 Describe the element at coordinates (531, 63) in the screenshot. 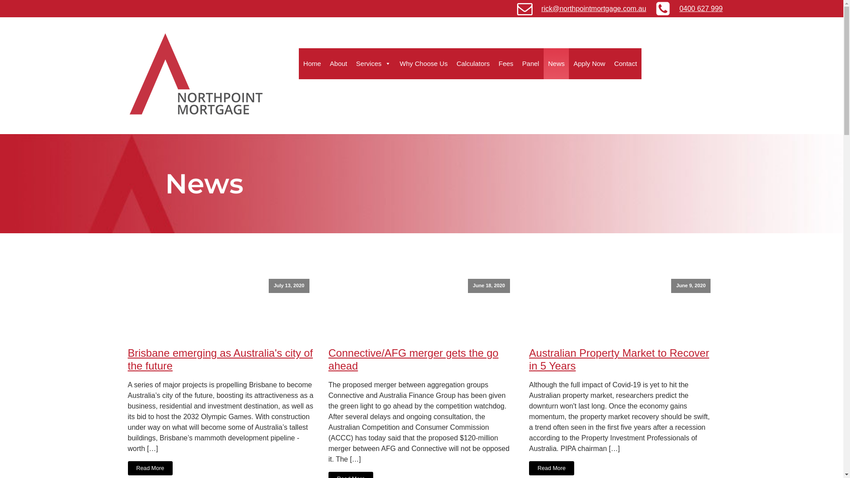

I see `'Panel'` at that location.